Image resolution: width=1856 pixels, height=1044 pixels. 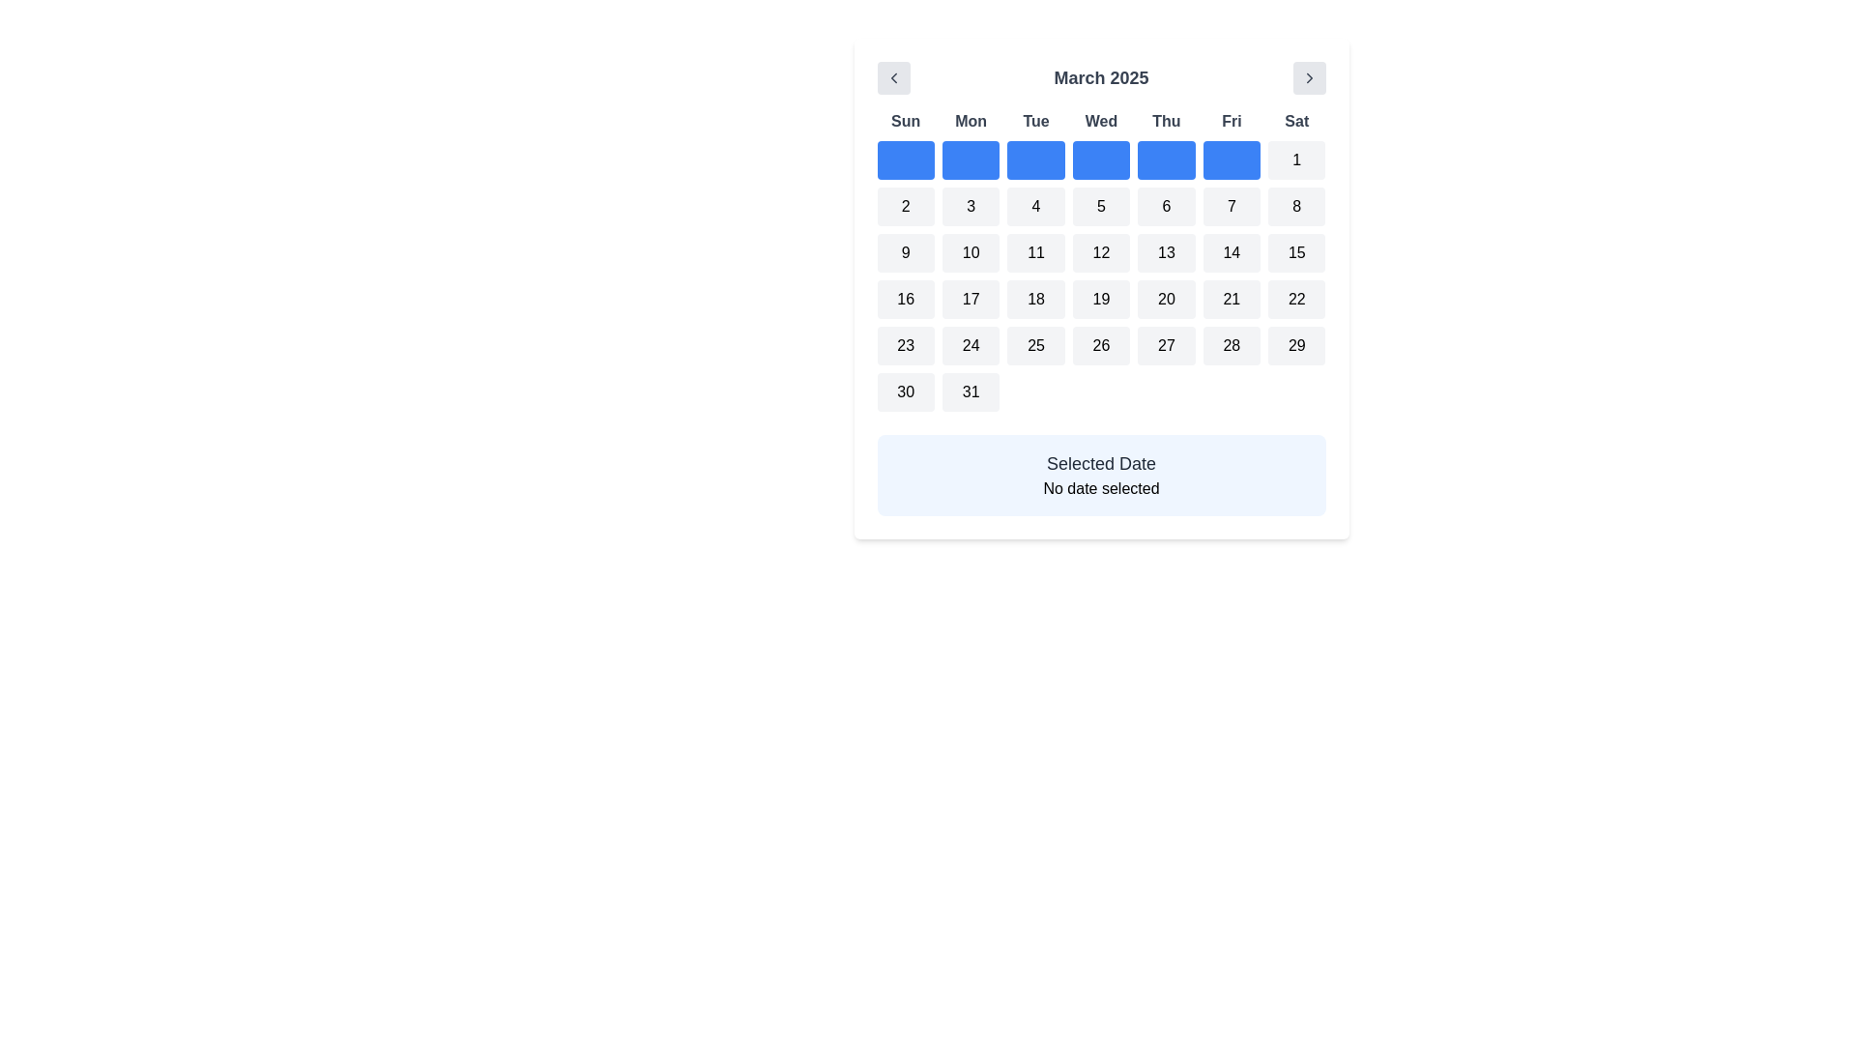 What do you see at coordinates (1165, 345) in the screenshot?
I see `the interactive calendar date button displaying the number '27', which is located in the 5th row and 6th column of the calendar grid, beneath the 'Fri' column` at bounding box center [1165, 345].